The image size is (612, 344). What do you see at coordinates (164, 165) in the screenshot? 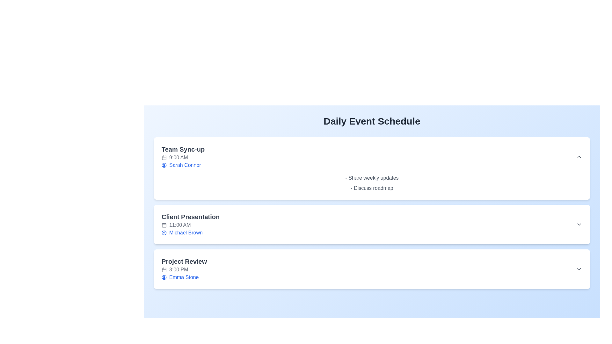
I see `the SVG user avatar icon representing 'Sarah Connor' in the 'Team Sync-up' block of the schedule interface` at bounding box center [164, 165].